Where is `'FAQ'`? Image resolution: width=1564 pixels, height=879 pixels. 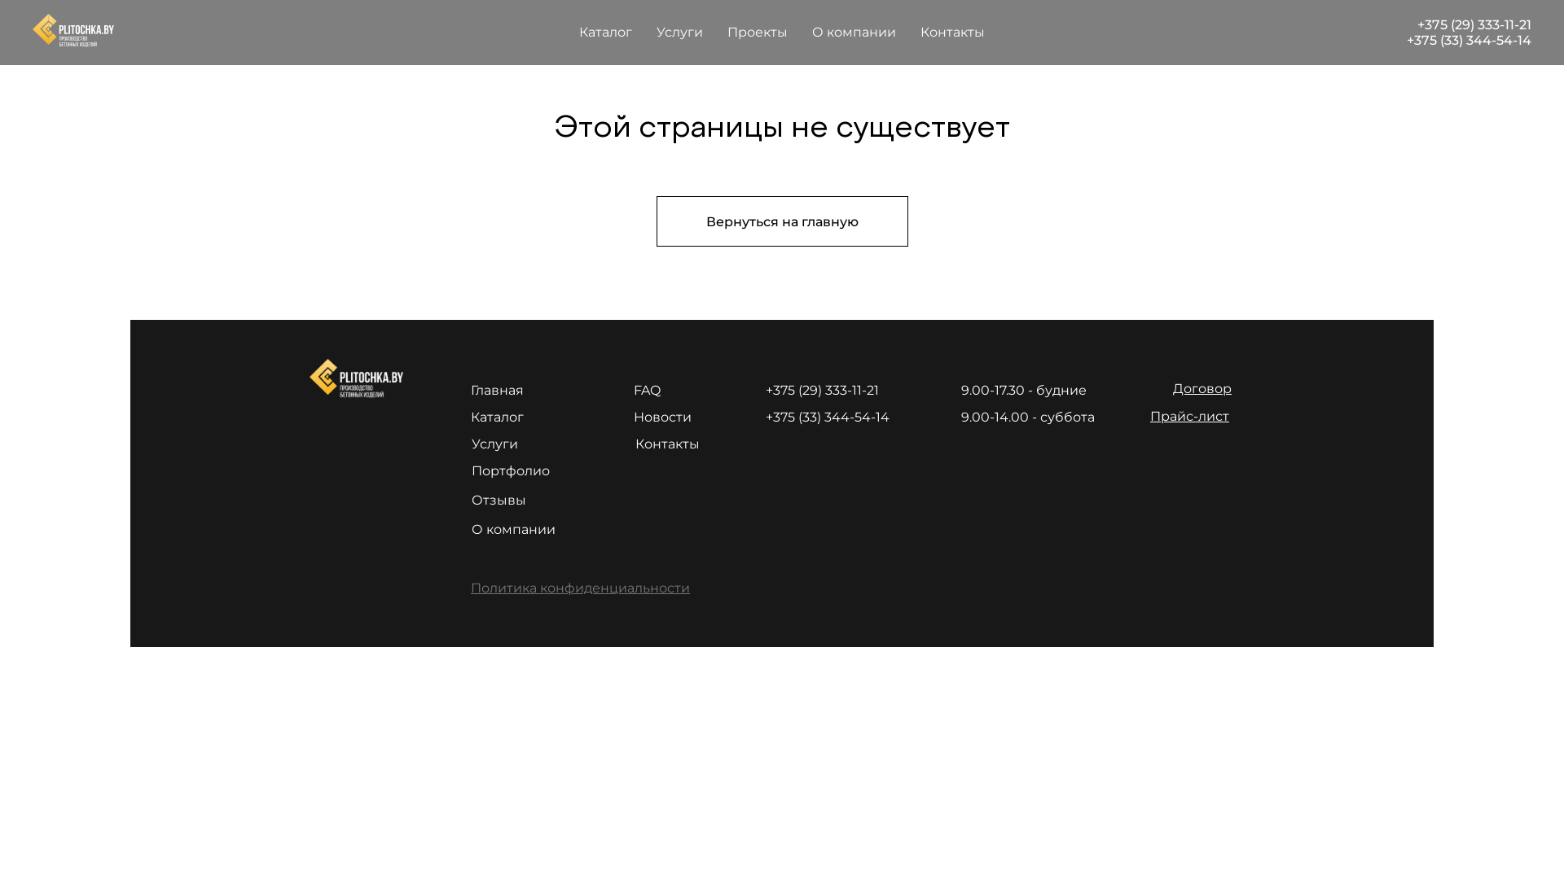
'FAQ' is located at coordinates (646, 390).